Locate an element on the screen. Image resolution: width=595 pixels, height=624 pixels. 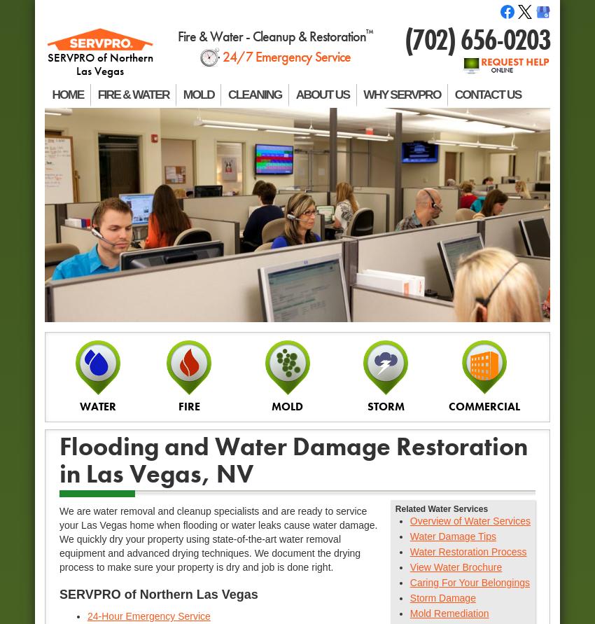
'Flooding and Water Damage Restoration in Las Vegas, NV' is located at coordinates (293, 459).